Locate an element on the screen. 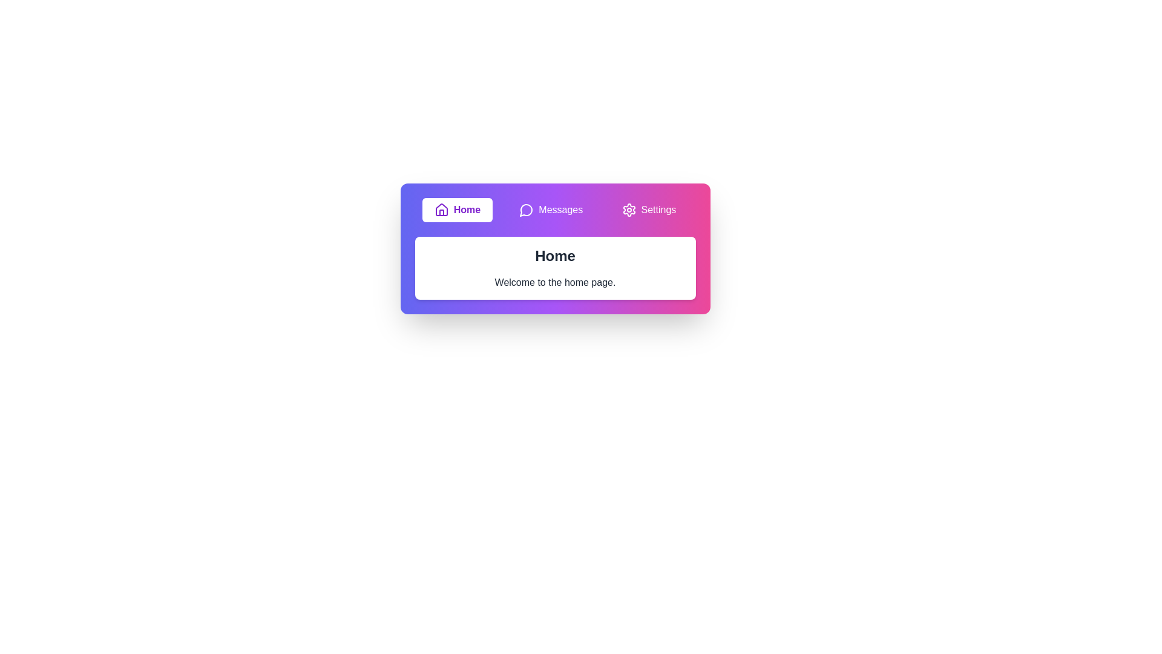 The image size is (1162, 654). the 'Home' icon located on the left side of the navigation bar in the gradient purple and pink header is located at coordinates (441, 210).